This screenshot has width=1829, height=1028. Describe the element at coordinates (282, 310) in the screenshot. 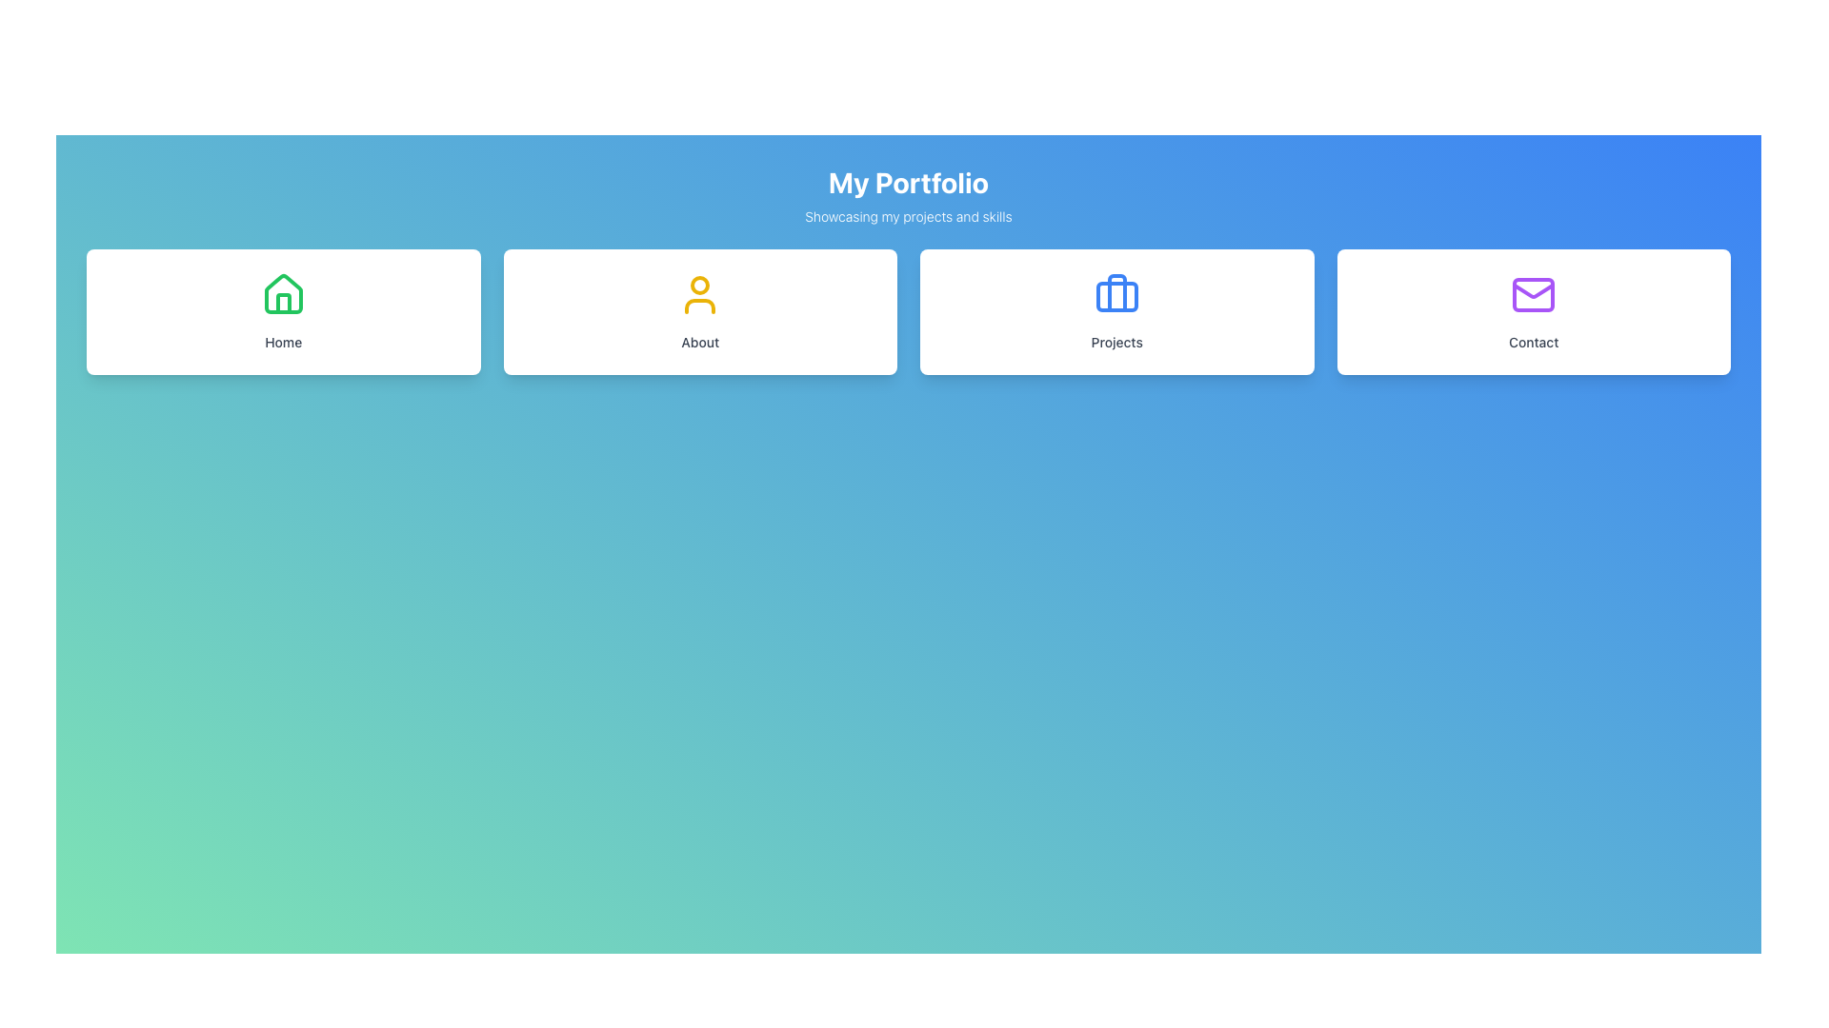

I see `the 'Home' button, which is a rectangular card with a white background, a green house icon at the top center, and the text 'Home' underneath, located in the top-left corner of the grid layout` at that location.